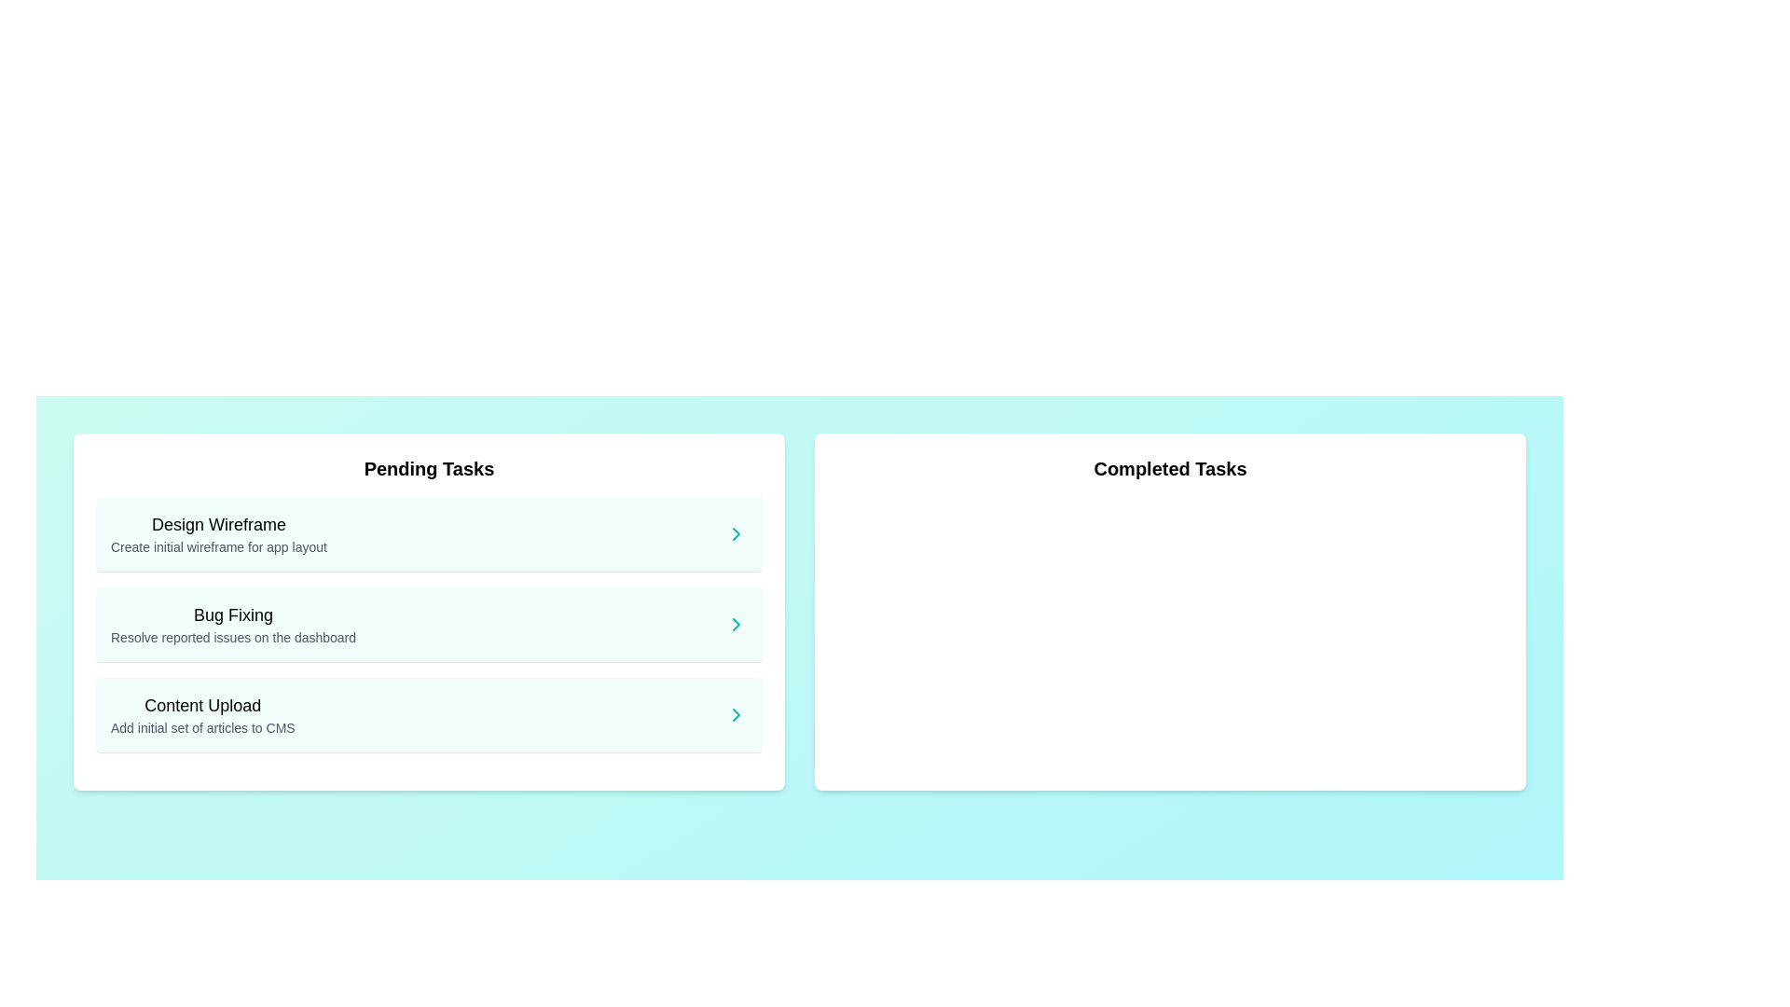 Image resolution: width=1790 pixels, height=1007 pixels. Describe the element at coordinates (736, 534) in the screenshot. I see `the rightward-pointing chevron icon button located at the far right end of the 'Design Wireframe' task panel to change its color` at that location.